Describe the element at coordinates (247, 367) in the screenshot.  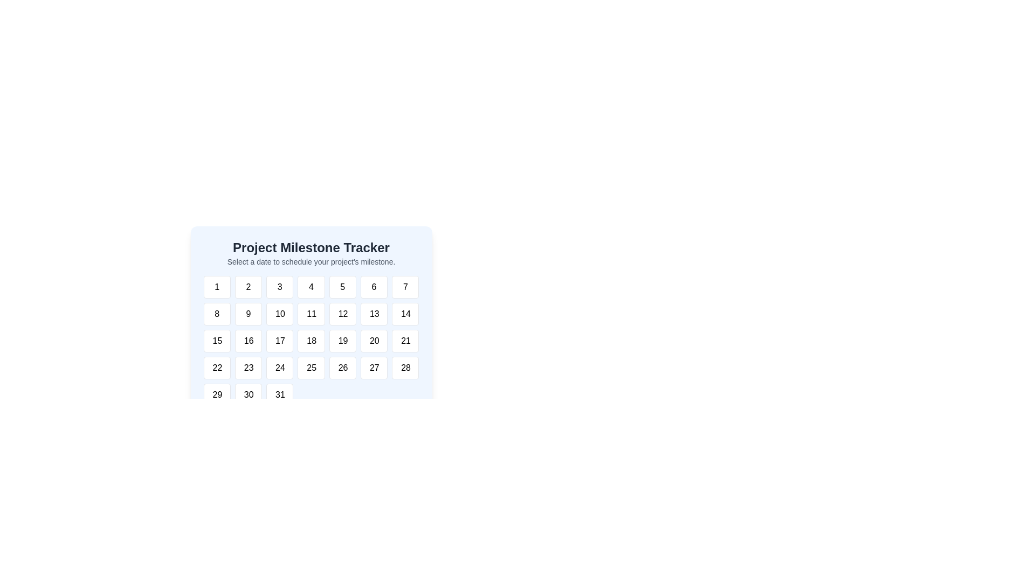
I see `the button that allows the user to select the number 23 in the Project Milestone Tracker interface, located in the fourth row, second column of the grid` at that location.